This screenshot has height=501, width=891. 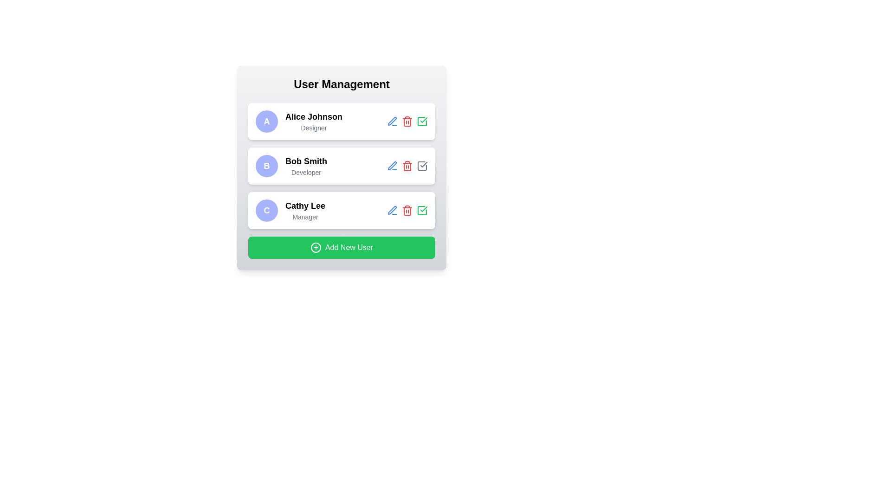 What do you see at coordinates (266, 166) in the screenshot?
I see `the Avatar Badge representing the user with initials 'B' located to the left of 'Bob Smith (Developer)'` at bounding box center [266, 166].